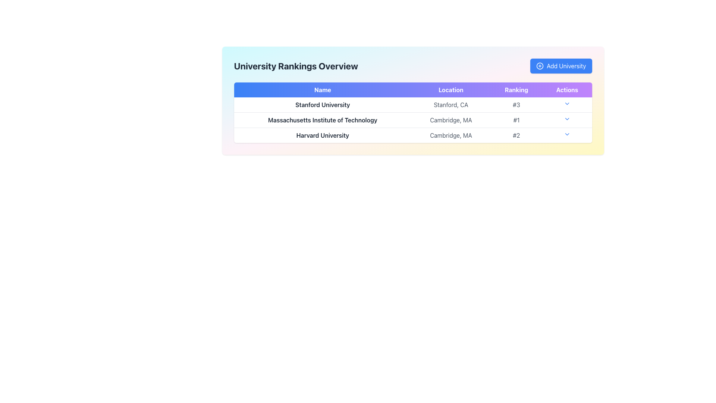 The image size is (716, 403). I want to click on the text label displaying '#1' in light gray color, located in the 'Ranking' column of the table row for 'Massachusetts Institute of Technology', so click(516, 119).